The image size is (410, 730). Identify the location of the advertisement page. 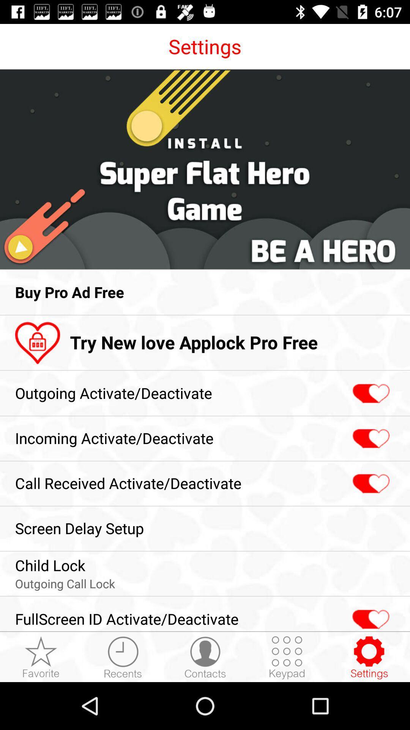
(205, 169).